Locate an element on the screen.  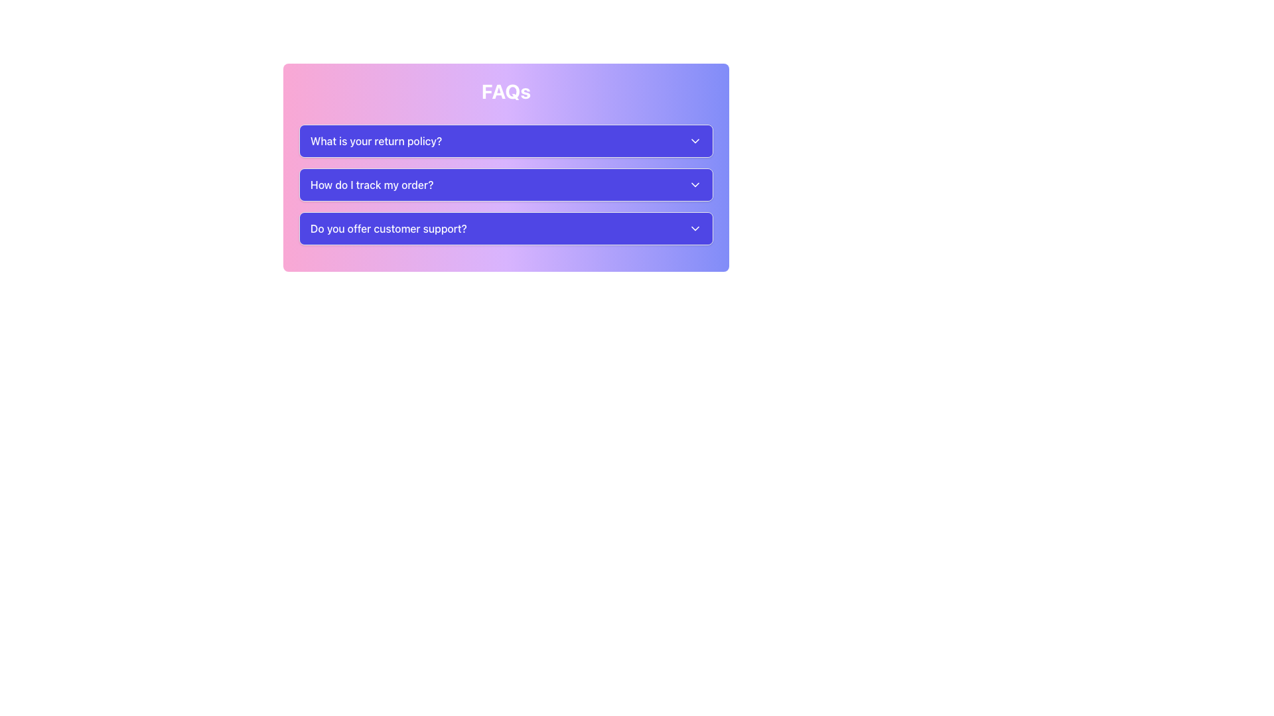
the downward-pointing chevron icon located on the right side of the FAQ question bar labeled 'How do I track my order?' is located at coordinates (694, 184).